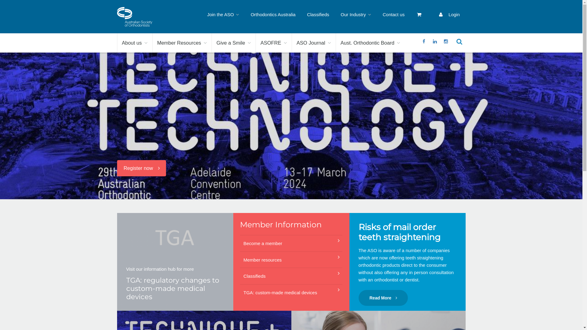 This screenshot has height=330, width=587. Describe the element at coordinates (370, 42) in the screenshot. I see `'Aust. Orthodontic Board'` at that location.